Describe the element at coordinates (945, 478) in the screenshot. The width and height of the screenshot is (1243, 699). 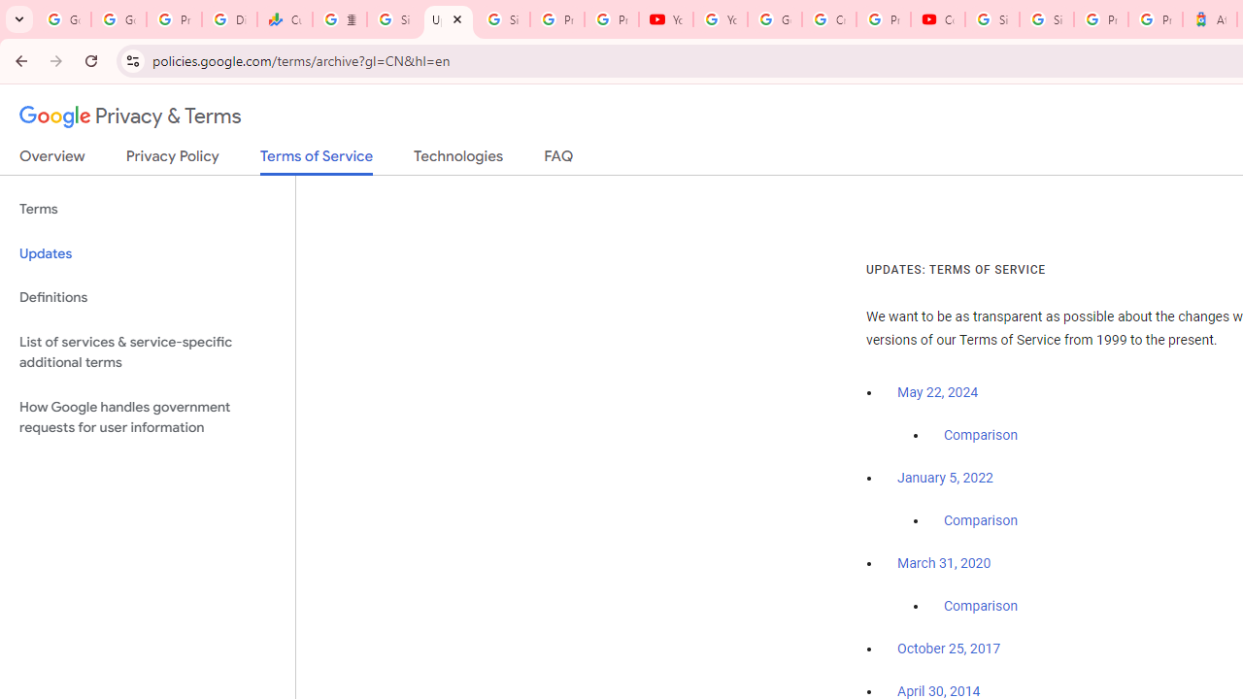
I see `'January 5, 2022'` at that location.